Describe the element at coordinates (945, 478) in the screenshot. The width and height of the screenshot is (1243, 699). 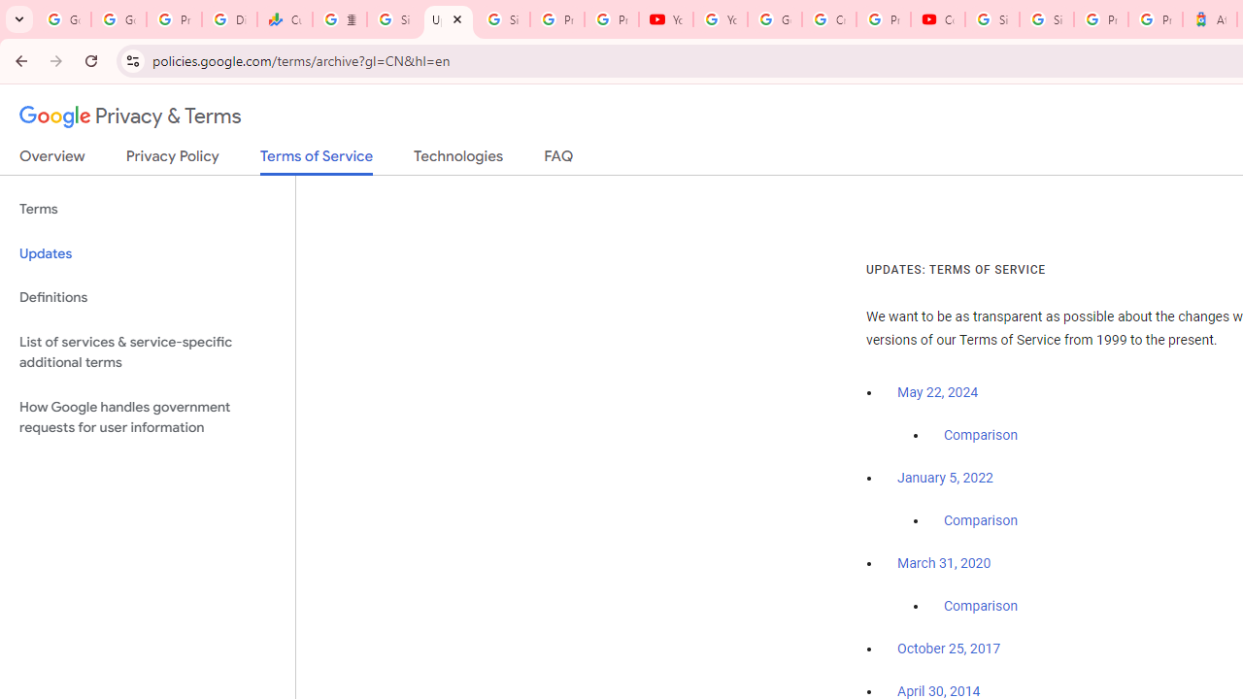
I see `'January 5, 2022'` at that location.